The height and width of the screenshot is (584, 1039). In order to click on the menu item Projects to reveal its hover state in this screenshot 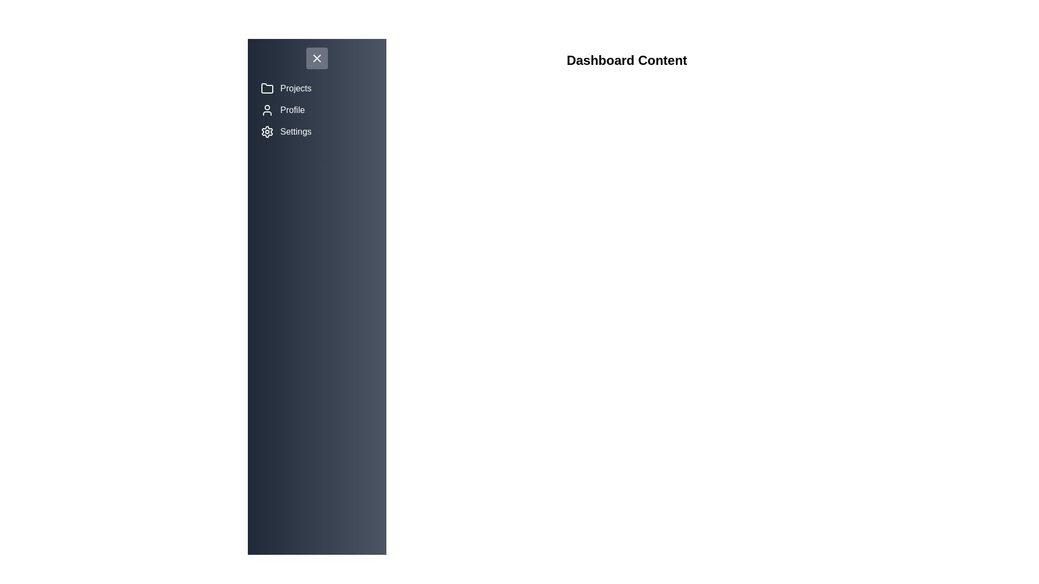, I will do `click(316, 88)`.